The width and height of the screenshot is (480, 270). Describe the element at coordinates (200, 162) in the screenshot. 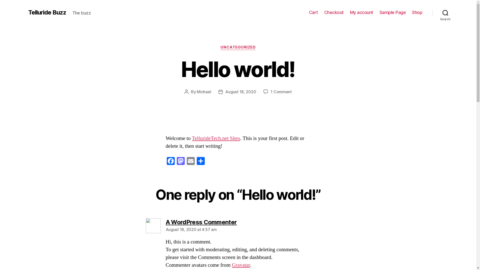

I see `'Share'` at that location.